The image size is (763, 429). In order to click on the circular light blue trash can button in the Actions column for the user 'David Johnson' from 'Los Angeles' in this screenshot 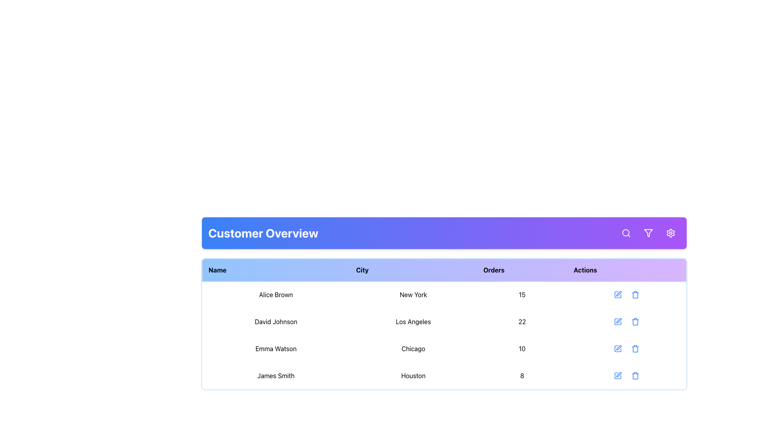, I will do `click(635, 322)`.